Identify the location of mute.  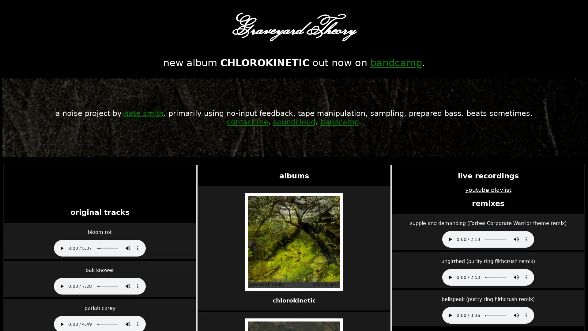
(127, 323).